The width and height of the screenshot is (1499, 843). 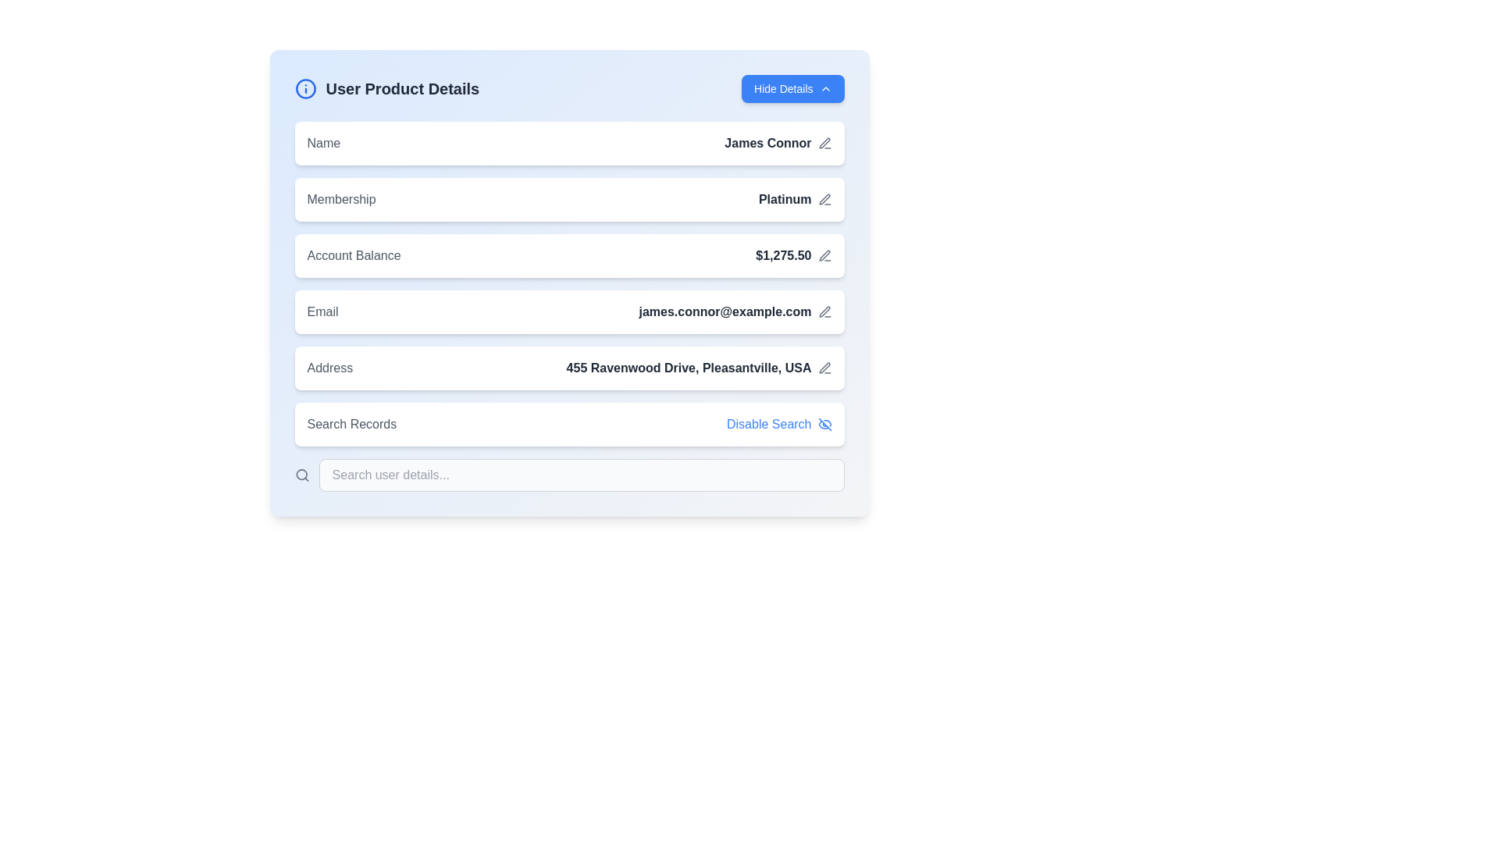 What do you see at coordinates (329, 368) in the screenshot?
I see `the static text label displaying 'Address', which is in a gray, medium-weight font and positioned to the left of the address value '455 Ravenwood Drive, Pleasantville, USA'` at bounding box center [329, 368].